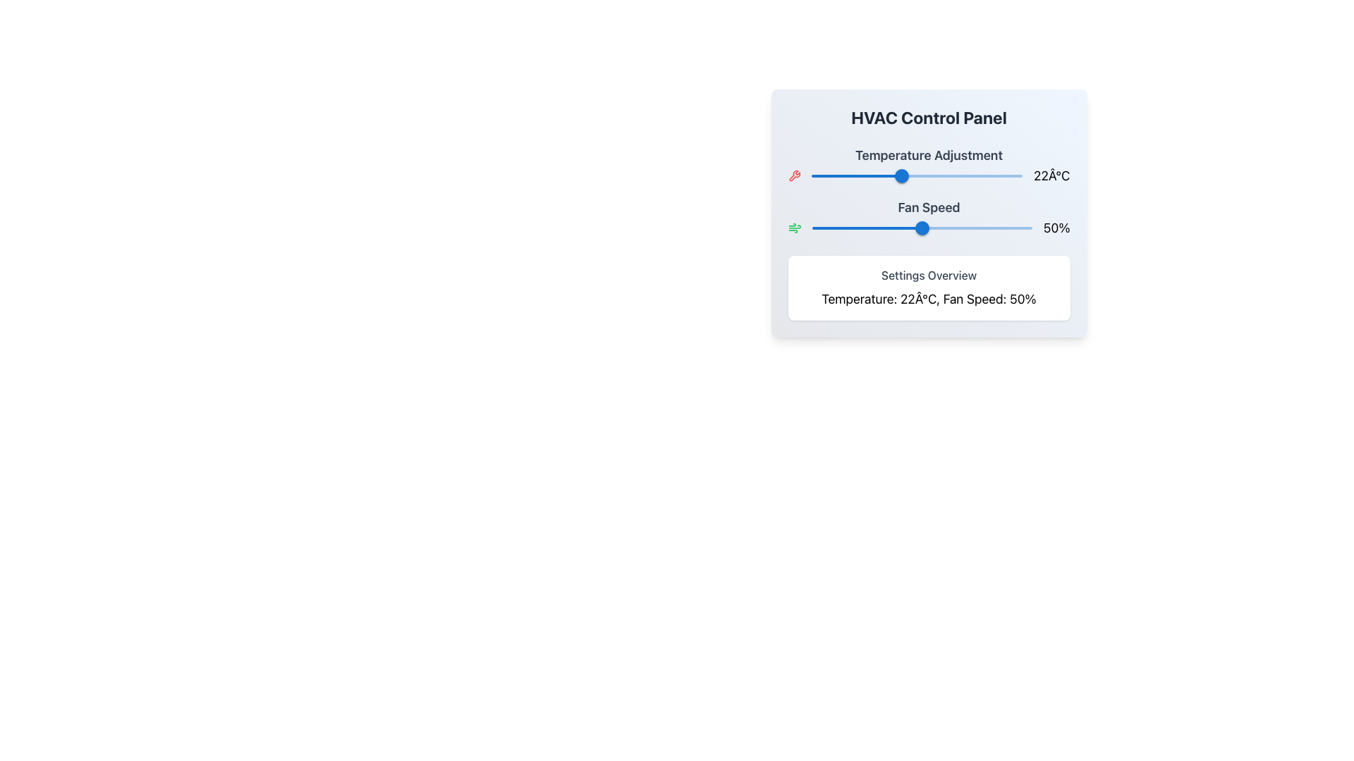 The image size is (1354, 761). I want to click on the red slider rail element located in the HVAC Control Panel, which serves as the background for the temperature adjustment slider, so click(917, 175).